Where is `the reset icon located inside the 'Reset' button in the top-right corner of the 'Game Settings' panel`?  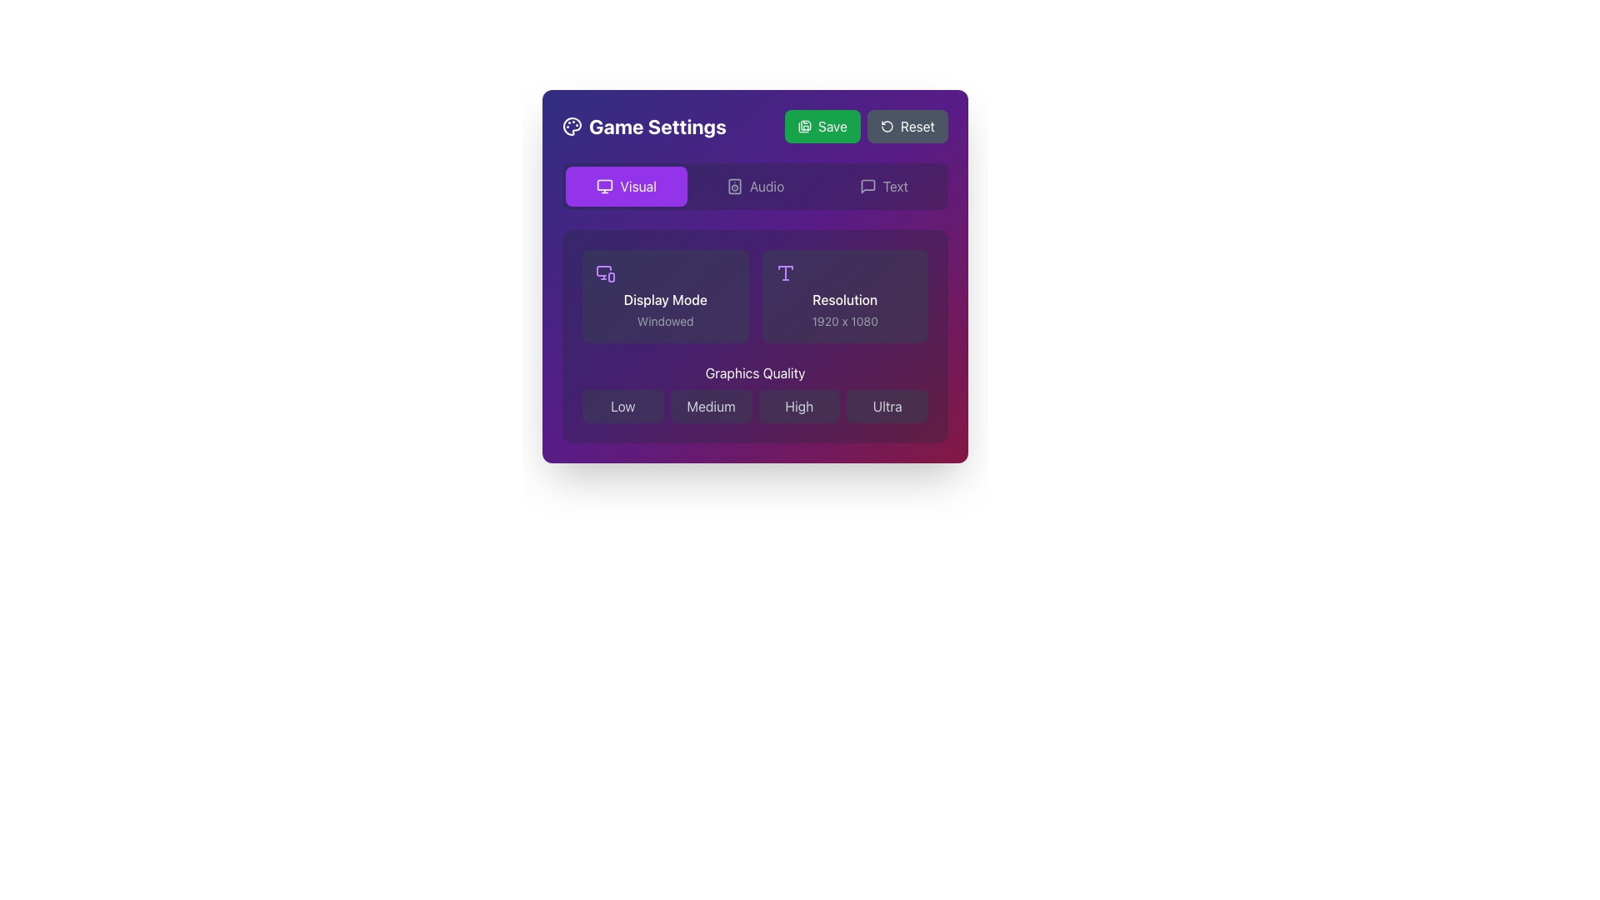
the reset icon located inside the 'Reset' button in the top-right corner of the 'Game Settings' panel is located at coordinates (886, 125).